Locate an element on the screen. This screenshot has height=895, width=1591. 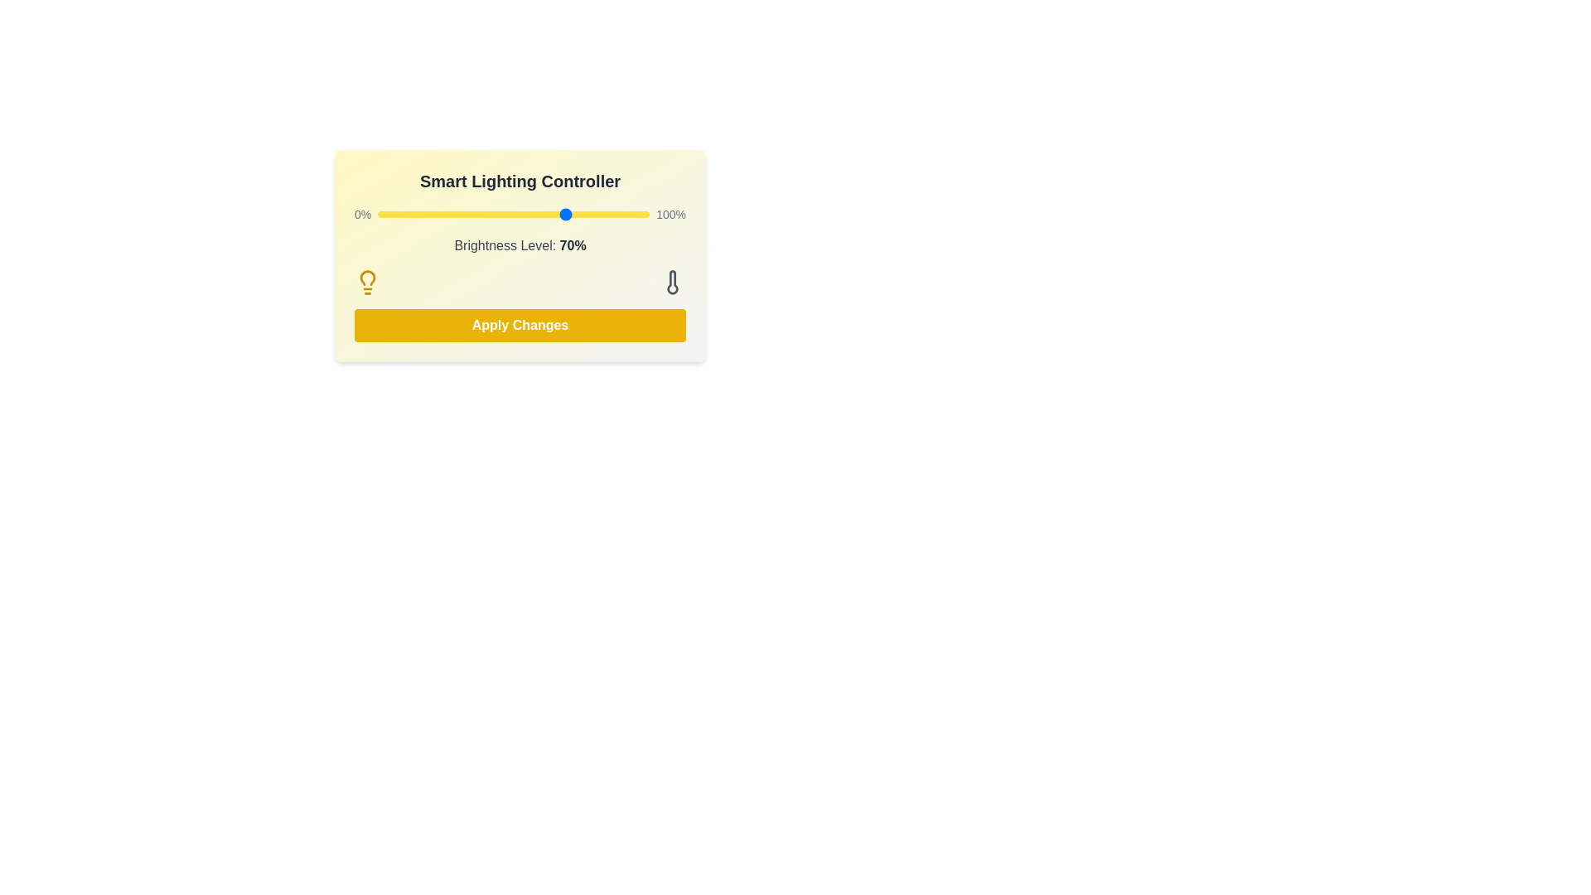
the brightness slider to set the brightness to 93% is located at coordinates (630, 213).